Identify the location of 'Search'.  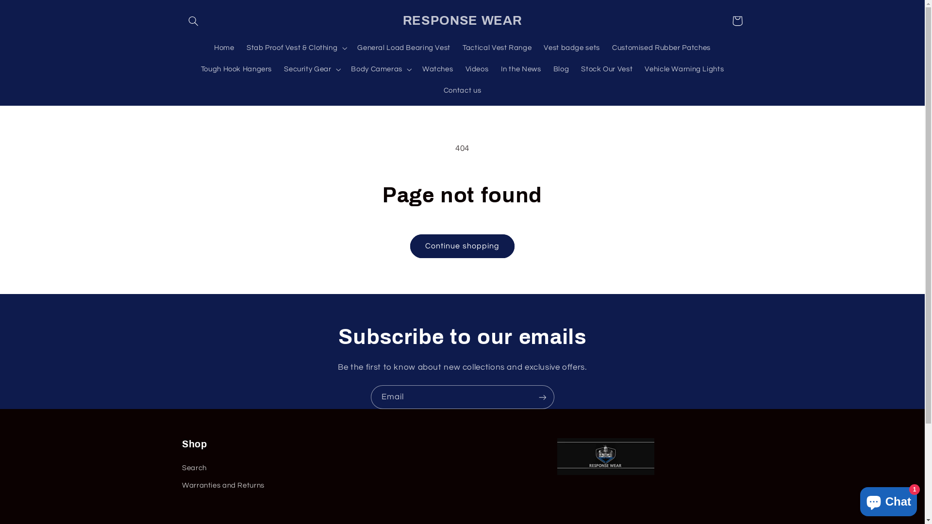
(182, 469).